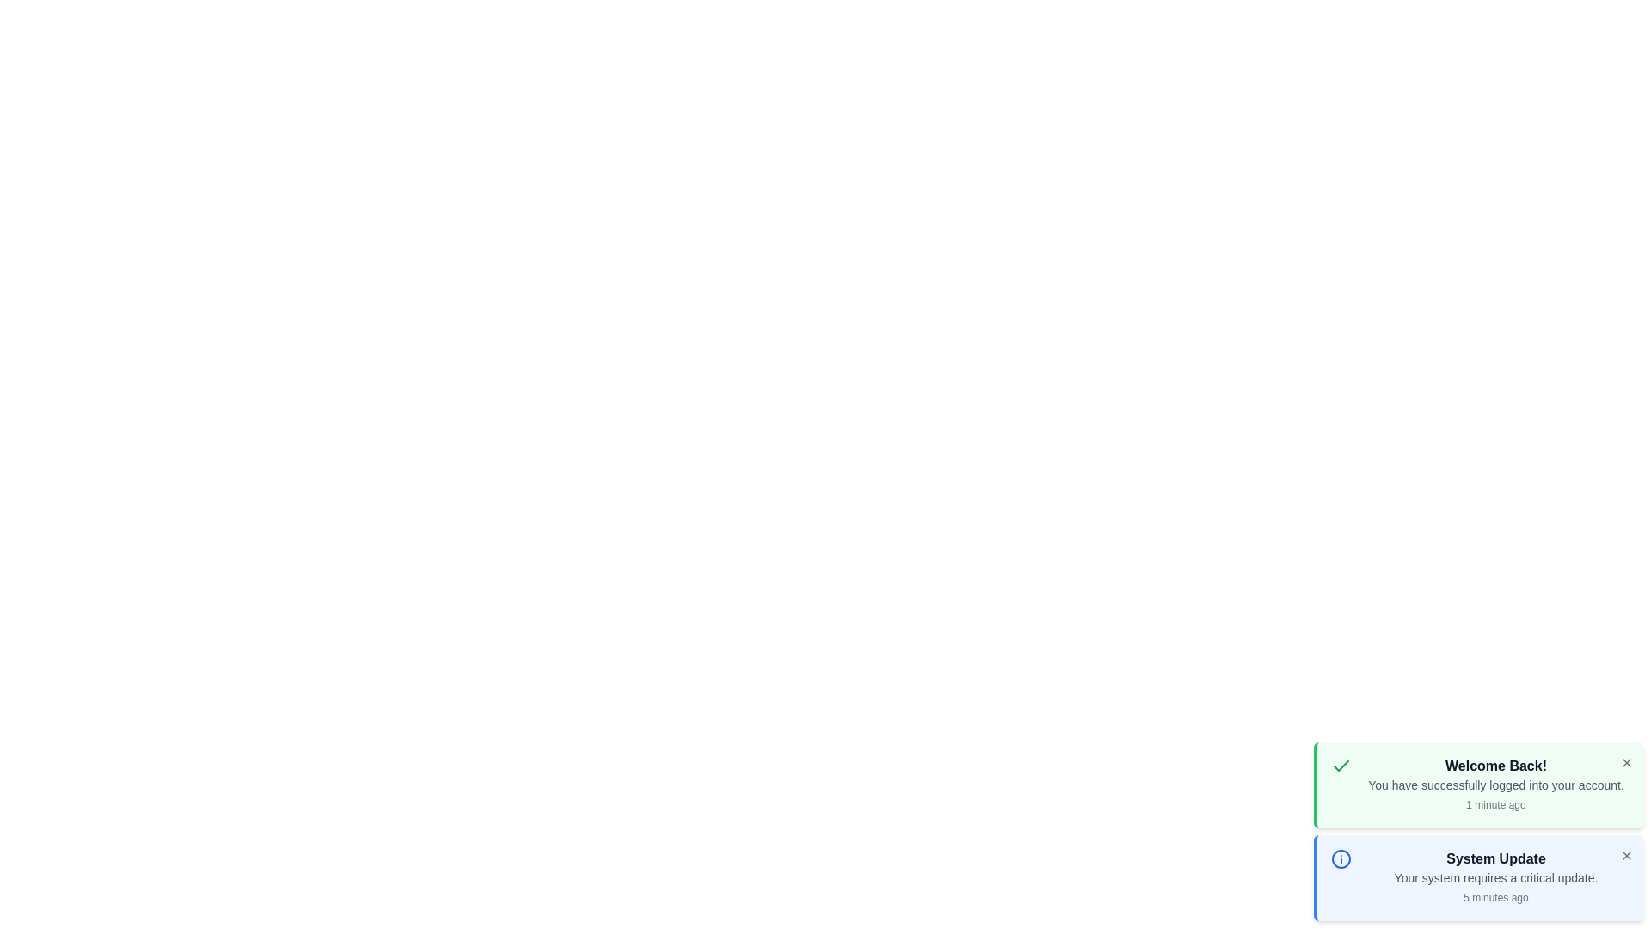 Image resolution: width=1651 pixels, height=928 pixels. What do you see at coordinates (1341, 765) in the screenshot?
I see `the notification type indicator icon for the first notification` at bounding box center [1341, 765].